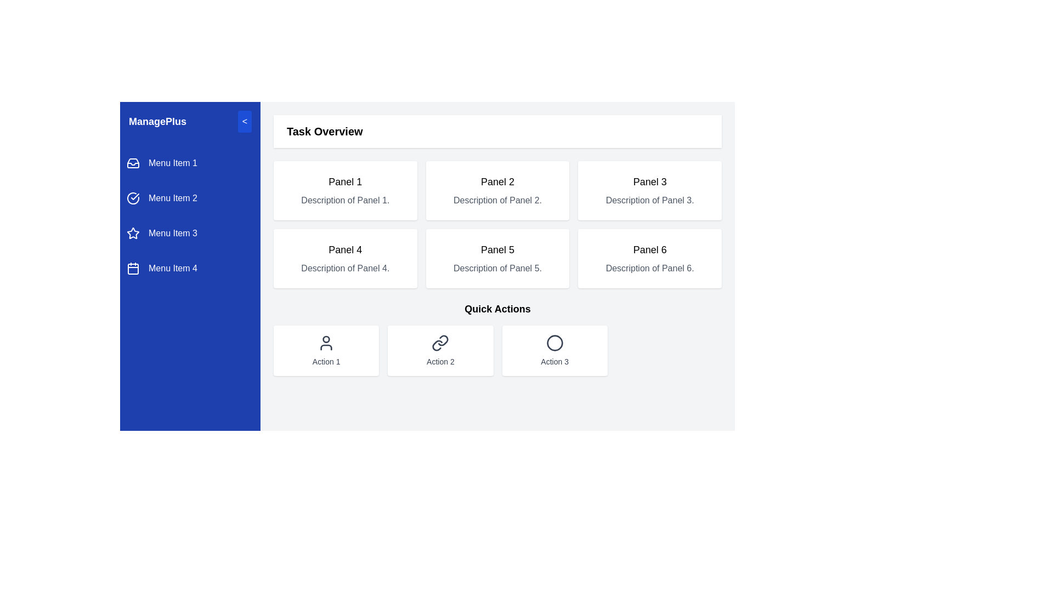  What do you see at coordinates (190, 268) in the screenshot?
I see `the menu item labeled 'Menu Item 4' with a calendar icon` at bounding box center [190, 268].